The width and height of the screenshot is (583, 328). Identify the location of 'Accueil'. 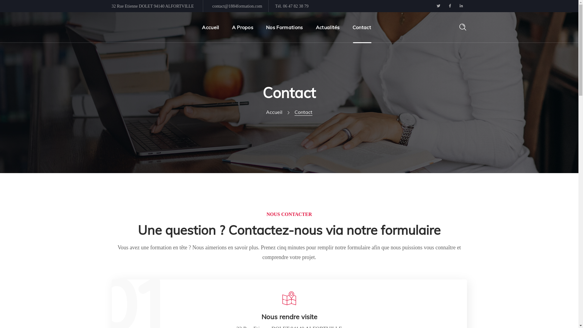
(274, 112).